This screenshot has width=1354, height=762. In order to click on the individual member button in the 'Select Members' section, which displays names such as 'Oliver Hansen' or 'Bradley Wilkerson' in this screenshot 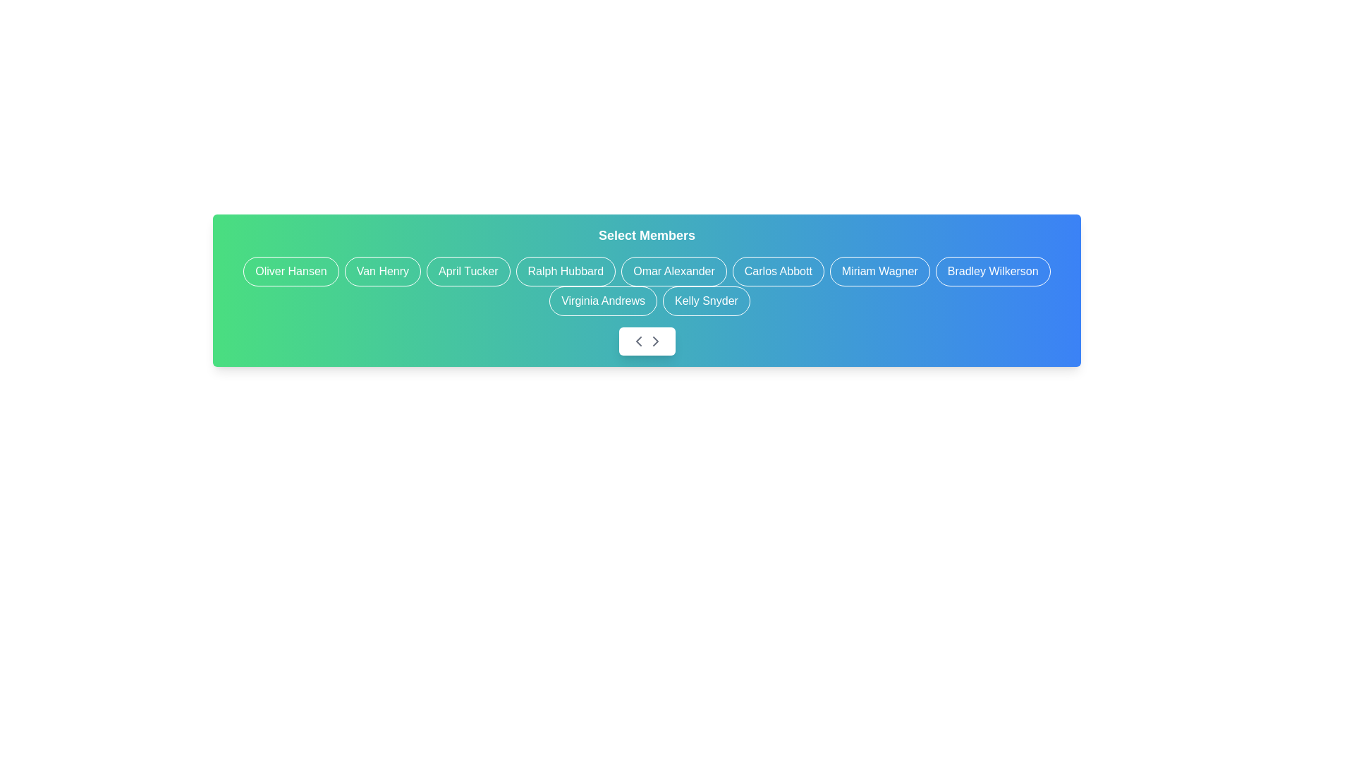, I will do `click(646, 286)`.